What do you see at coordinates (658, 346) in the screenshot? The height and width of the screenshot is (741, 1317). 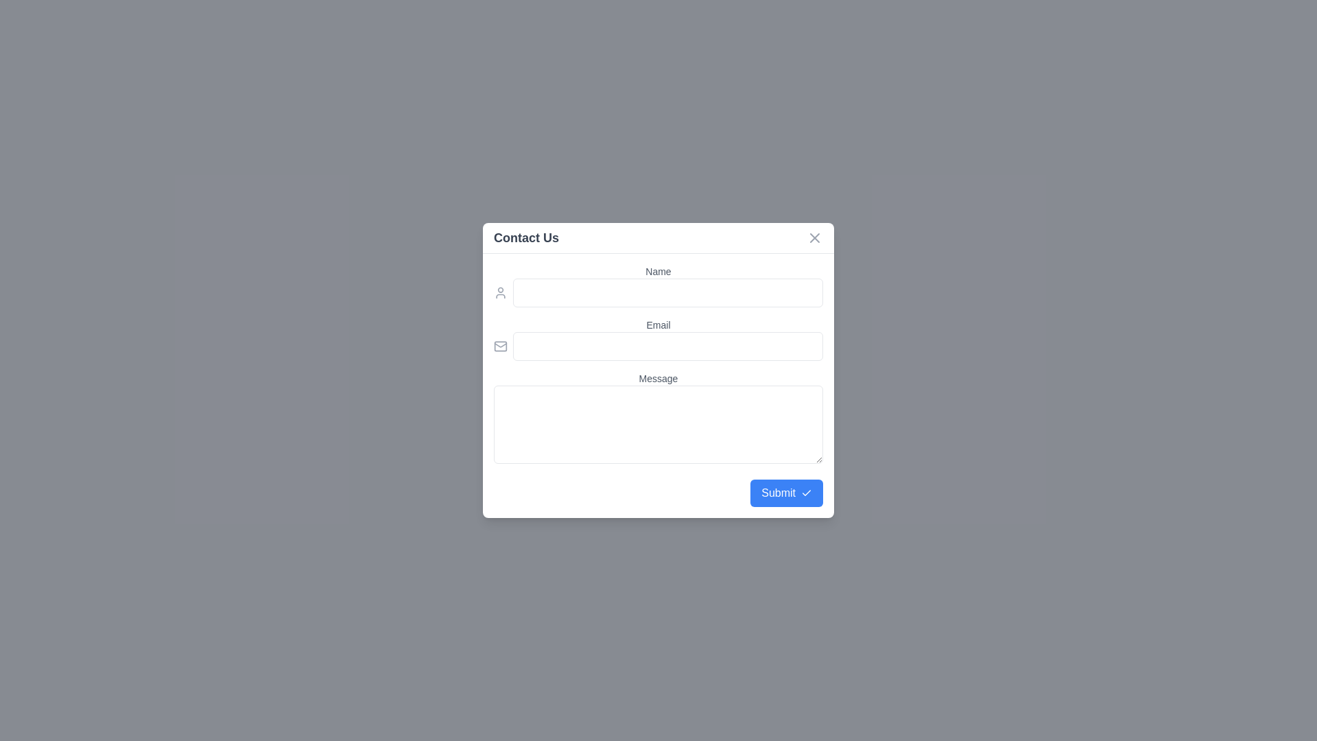 I see `the text input field for 'Email' in the form by tabbing to it` at bounding box center [658, 346].